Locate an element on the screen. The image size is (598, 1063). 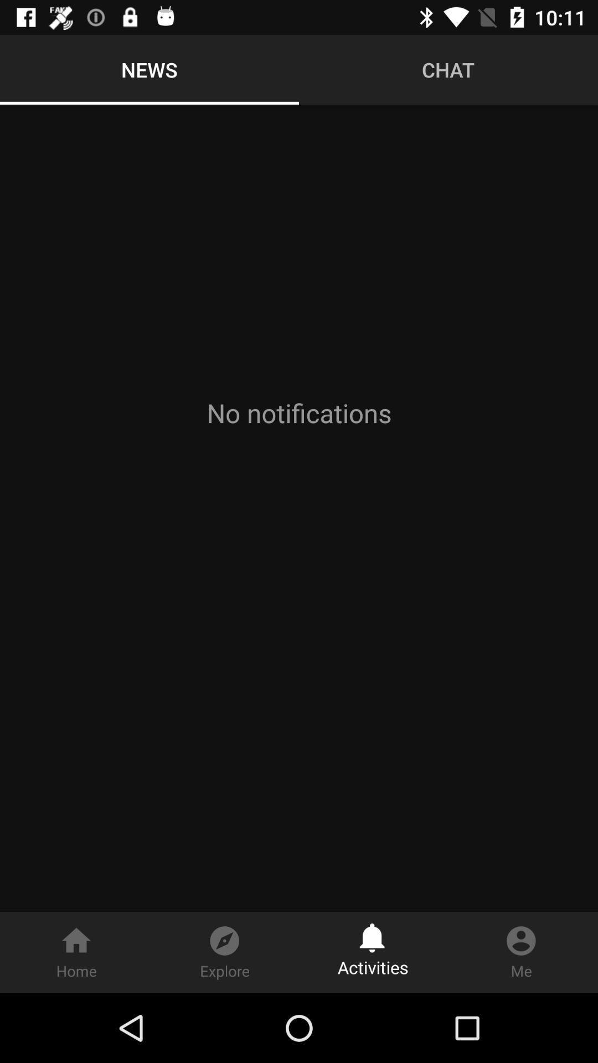
symbol above explore is located at coordinates (224, 935).